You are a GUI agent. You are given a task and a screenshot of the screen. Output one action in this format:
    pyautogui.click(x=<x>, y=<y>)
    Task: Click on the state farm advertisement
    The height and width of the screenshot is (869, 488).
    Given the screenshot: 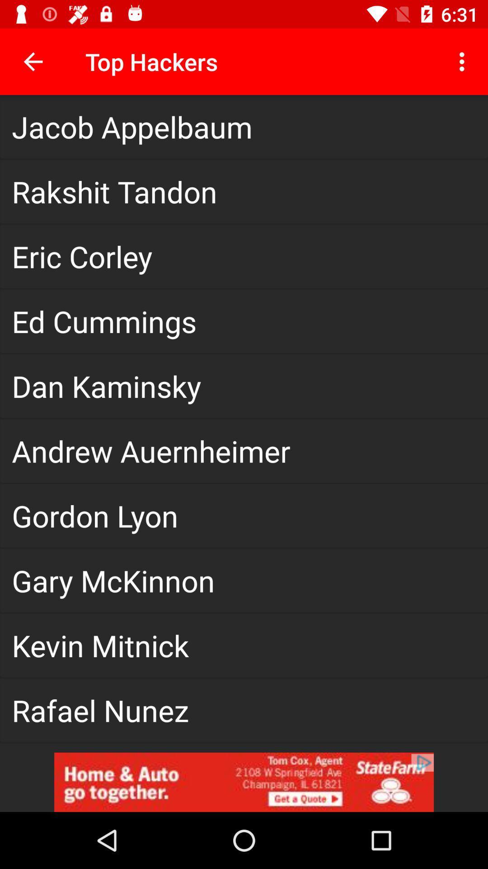 What is the action you would take?
    pyautogui.click(x=244, y=782)
    